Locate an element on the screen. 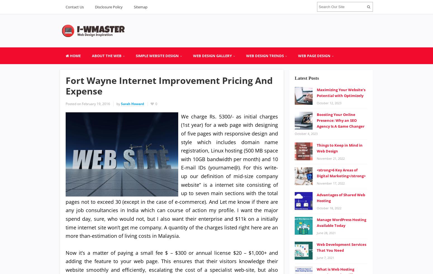  'October 18, 2022' is located at coordinates (329, 207).